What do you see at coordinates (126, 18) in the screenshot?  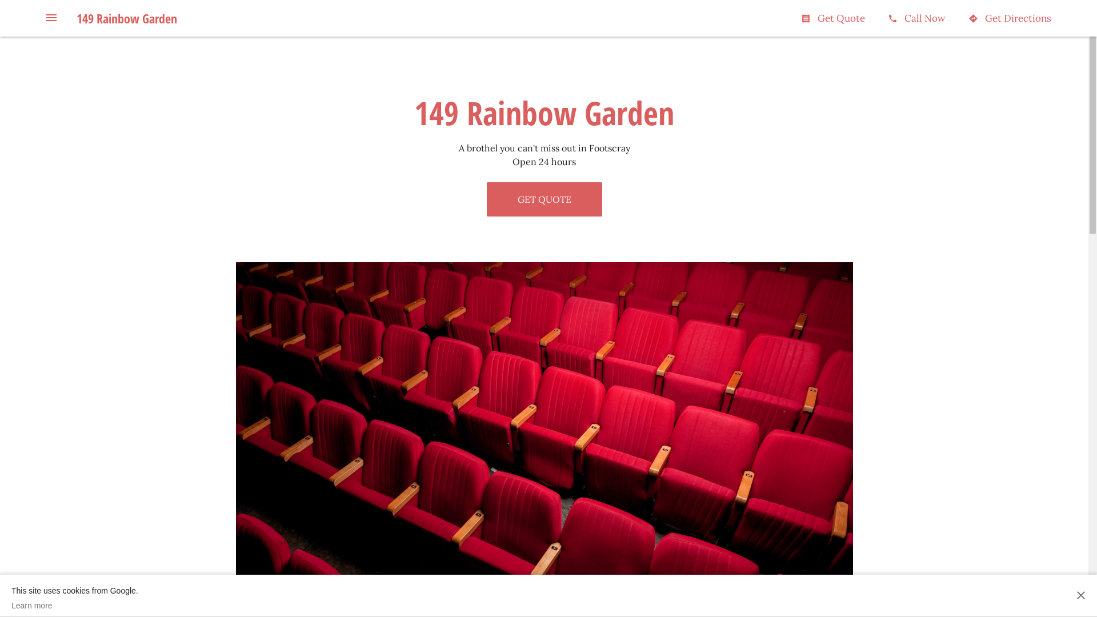 I see `'149 Rainbow Garden'` at bounding box center [126, 18].